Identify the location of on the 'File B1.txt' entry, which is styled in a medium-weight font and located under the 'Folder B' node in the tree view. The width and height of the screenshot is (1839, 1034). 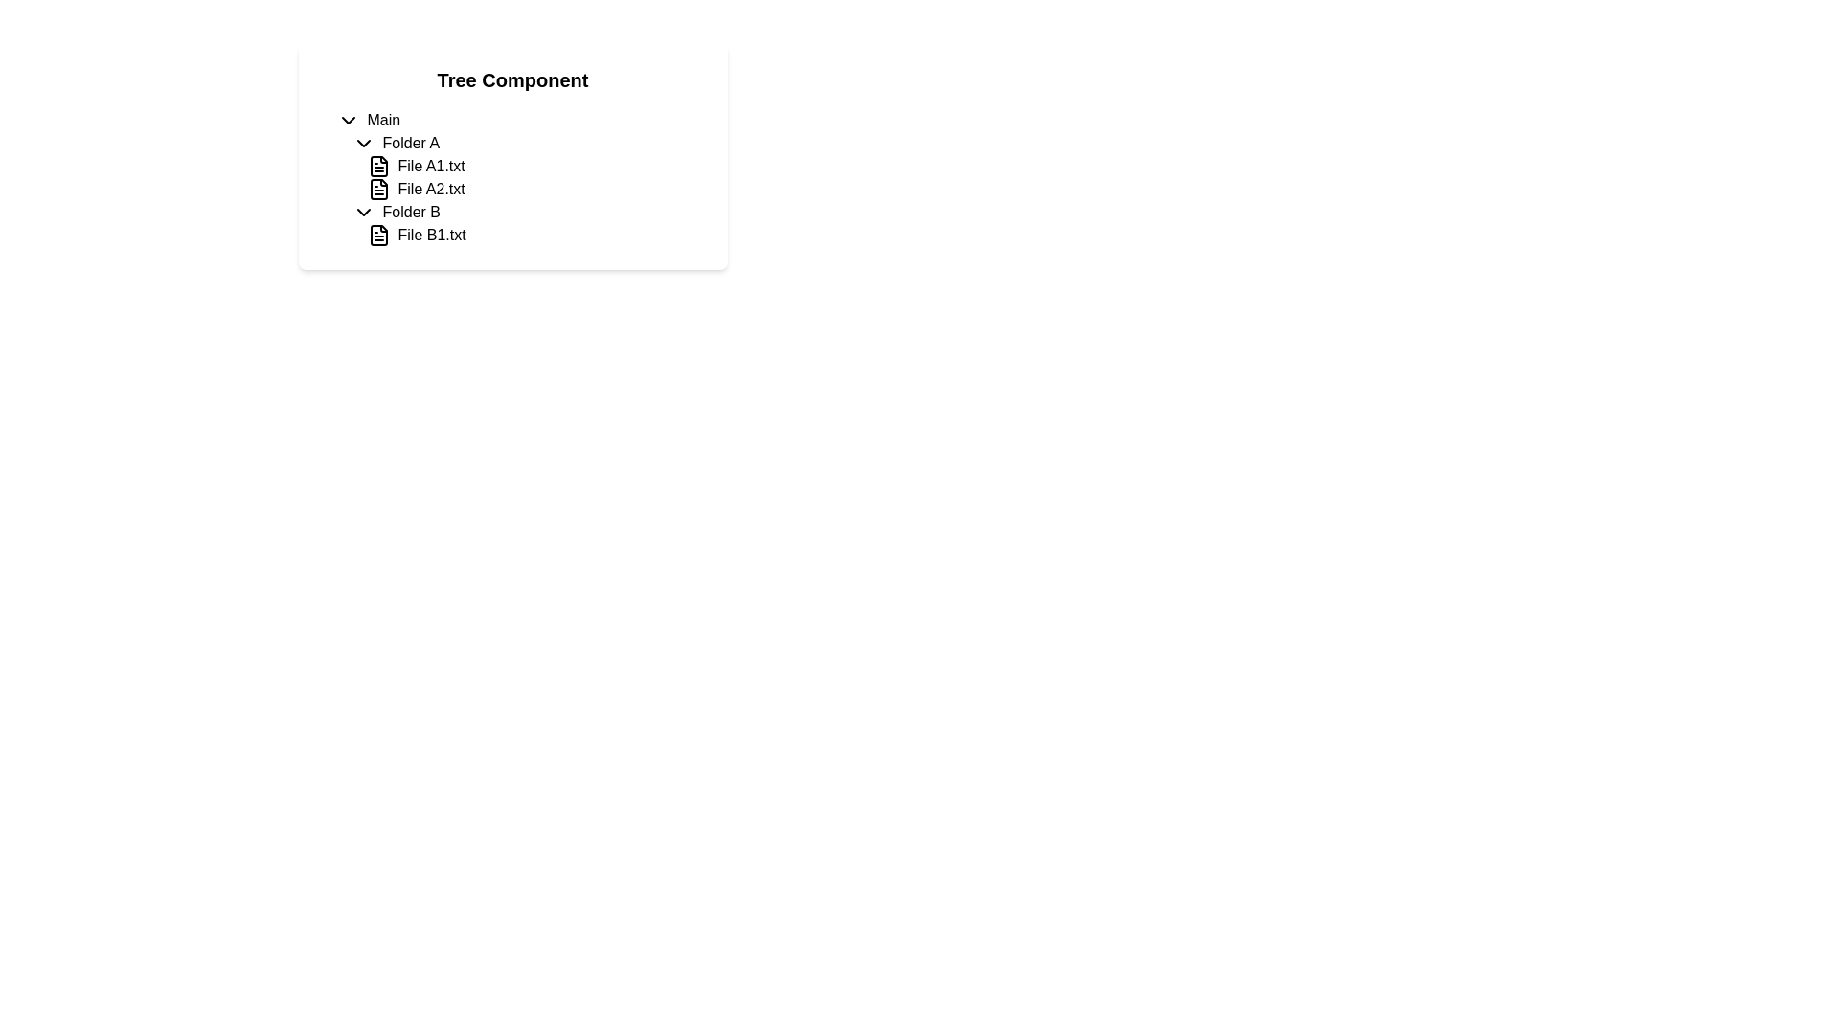
(528, 235).